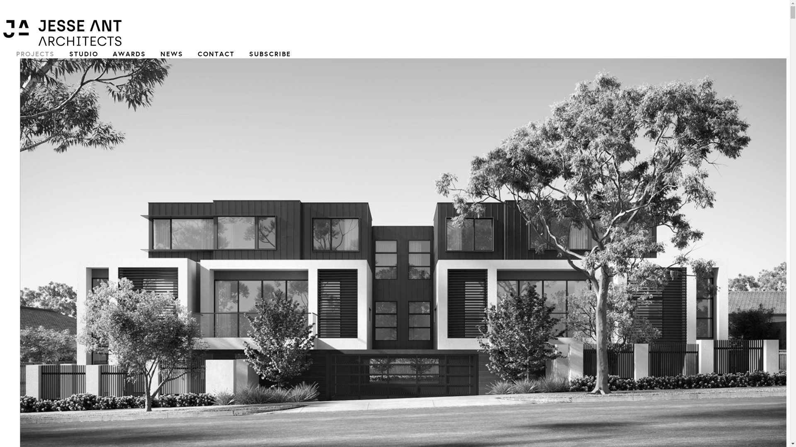 The height and width of the screenshot is (447, 796). What do you see at coordinates (171, 54) in the screenshot?
I see `'NEWS'` at bounding box center [171, 54].